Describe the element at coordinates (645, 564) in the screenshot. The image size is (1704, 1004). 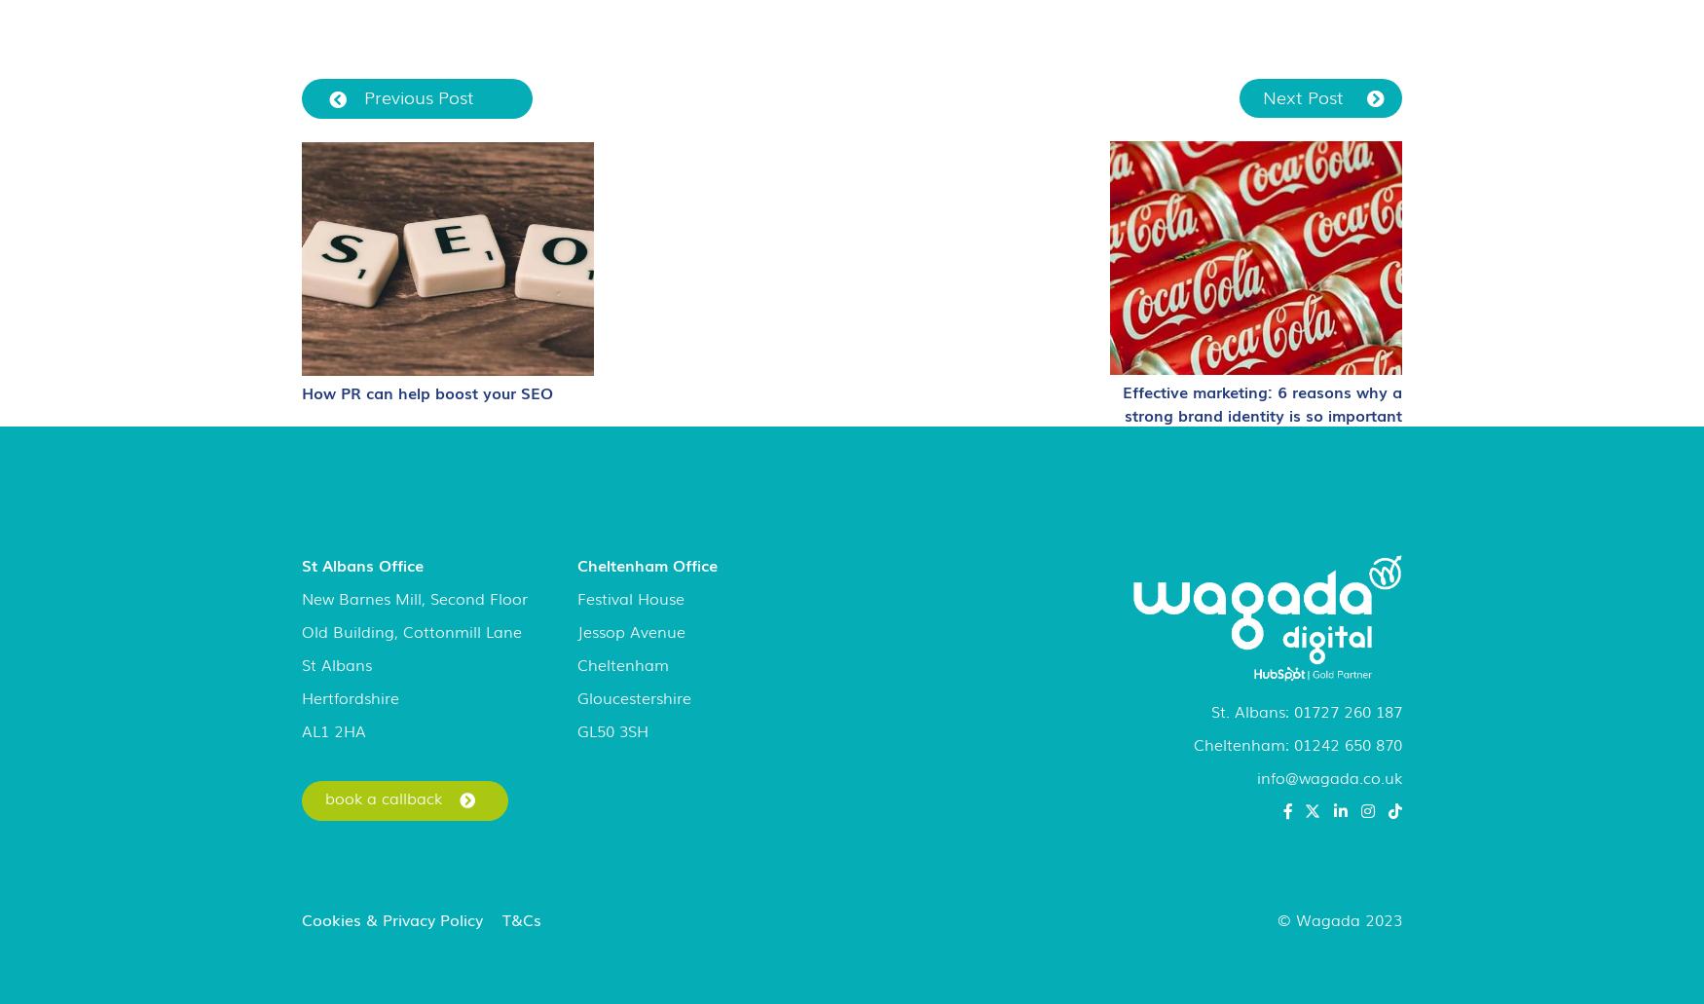
I see `'Cheltenham Office'` at that location.